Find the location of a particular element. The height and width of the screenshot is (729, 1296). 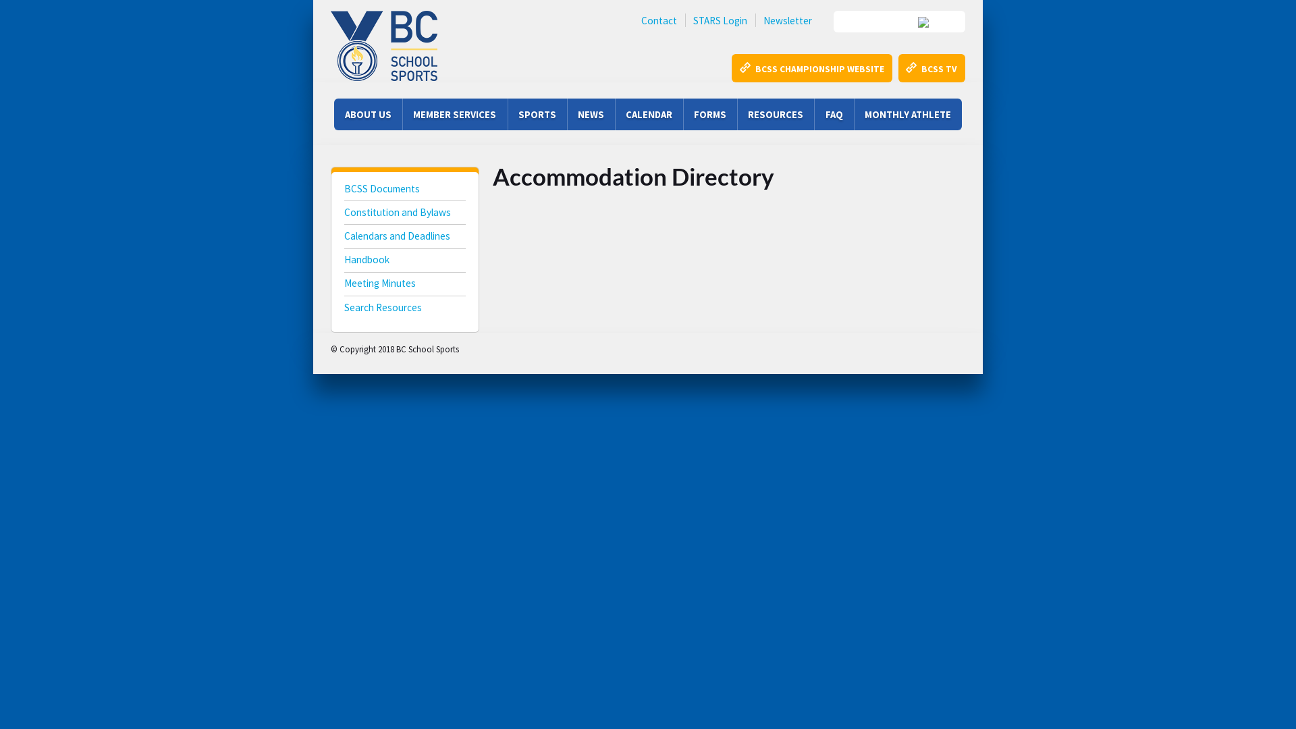

'Meeting Minutes' is located at coordinates (404, 284).